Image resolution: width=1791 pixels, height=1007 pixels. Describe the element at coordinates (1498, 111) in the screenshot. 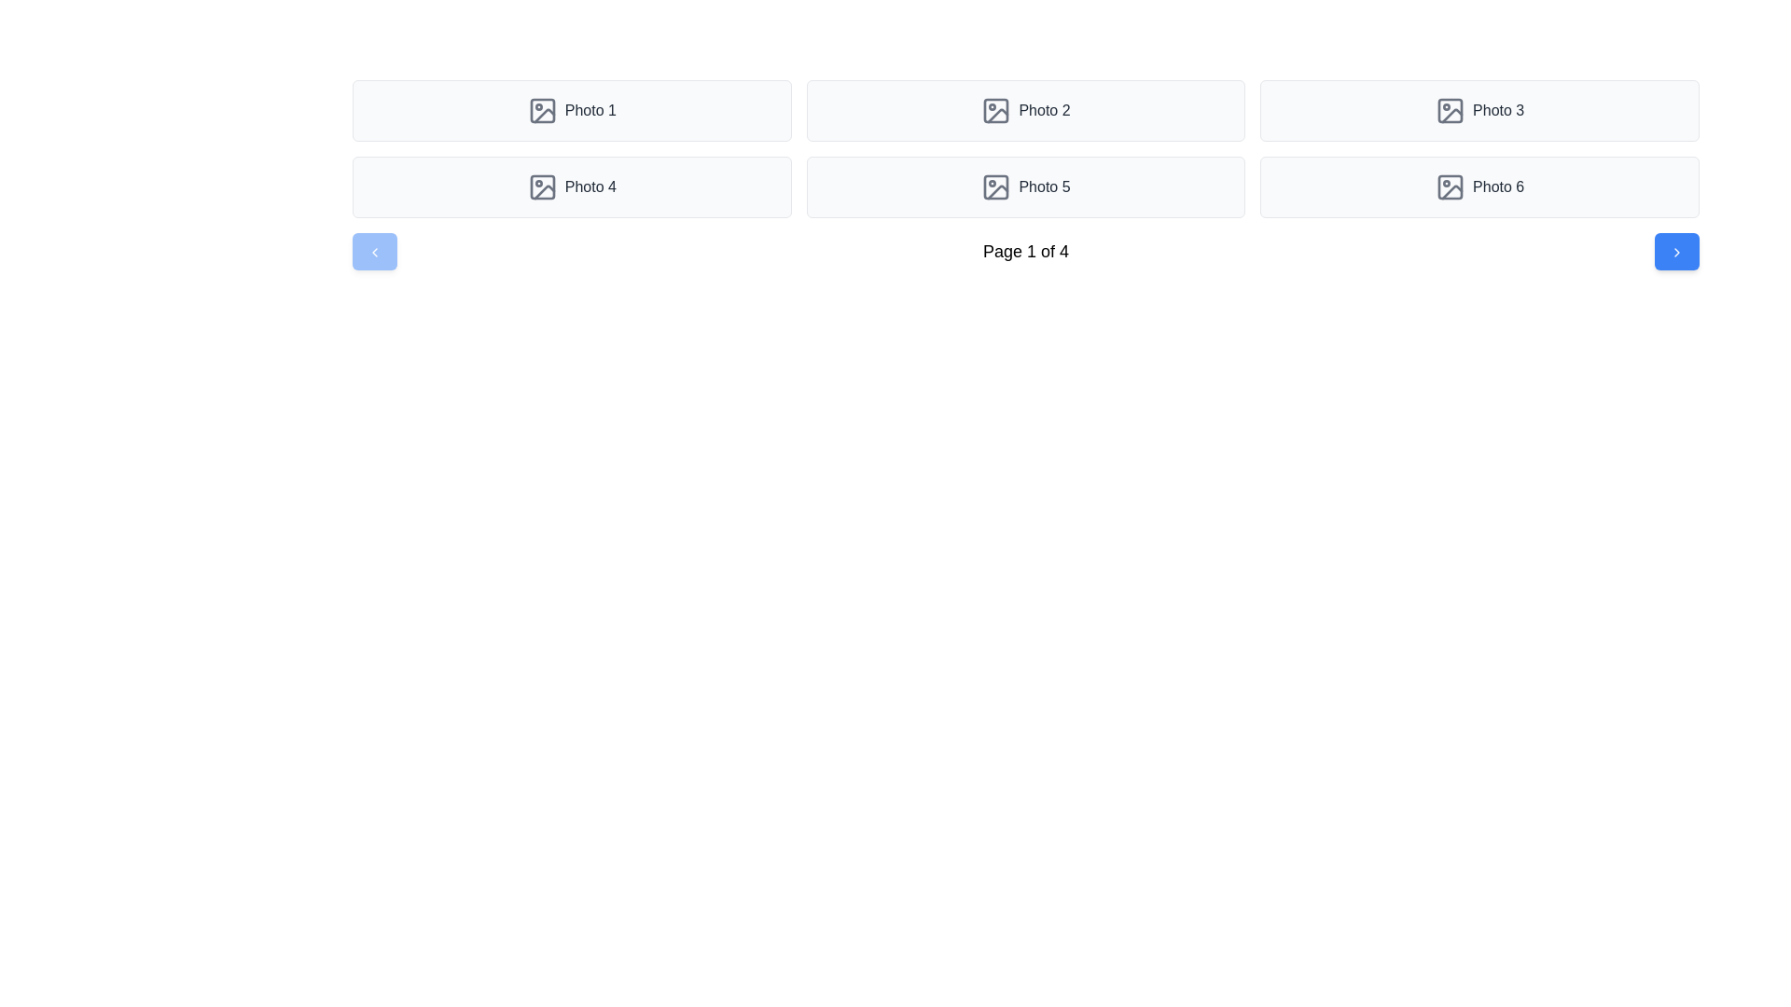

I see `the text label "Photo 3" which serves as a title for an associated photo representation, located in the second row, third column of the grid layout` at that location.